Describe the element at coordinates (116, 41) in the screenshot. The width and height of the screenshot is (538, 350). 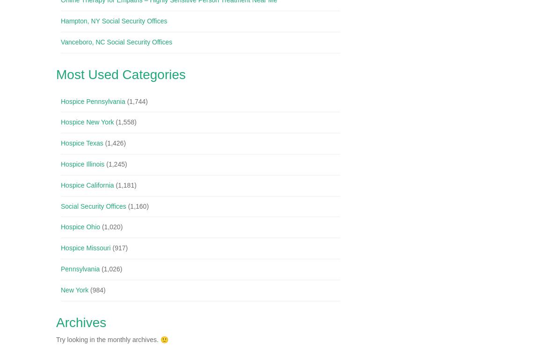
I see `'Vanceboro, NC Social Security Offices'` at that location.